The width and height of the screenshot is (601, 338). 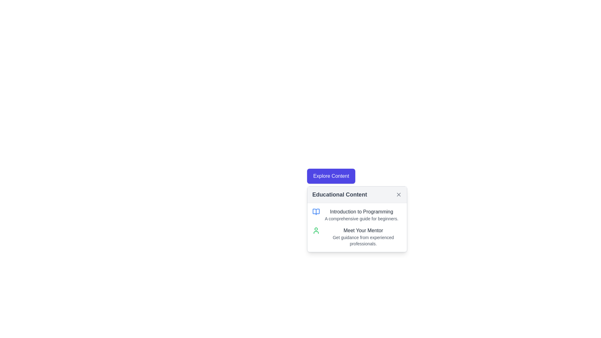 I want to click on text displayed in the 'Meet Your Mentor' text label, which is bold and dark gray, located near the bottom of the pop-up box, so click(x=363, y=230).